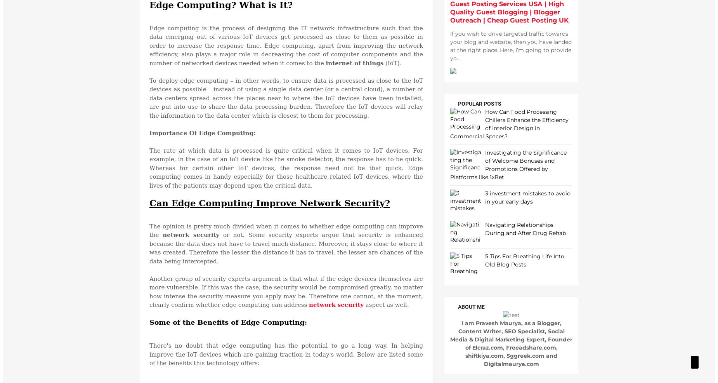 Image resolution: width=718 pixels, height=383 pixels. Describe the element at coordinates (286, 167) in the screenshot. I see `'The rate at which data is processed is quite
critical when it comes to IoT devices. For example, in the case of an IoT
device like the smoke detector, the response has to be quick. Whereas for
certain other IoT devices, the response need not be that quick. Edge computing comes
in handy especially for those healthcare related IoT devices, where the lives
of the patients may depend upon the critical data.'` at that location.